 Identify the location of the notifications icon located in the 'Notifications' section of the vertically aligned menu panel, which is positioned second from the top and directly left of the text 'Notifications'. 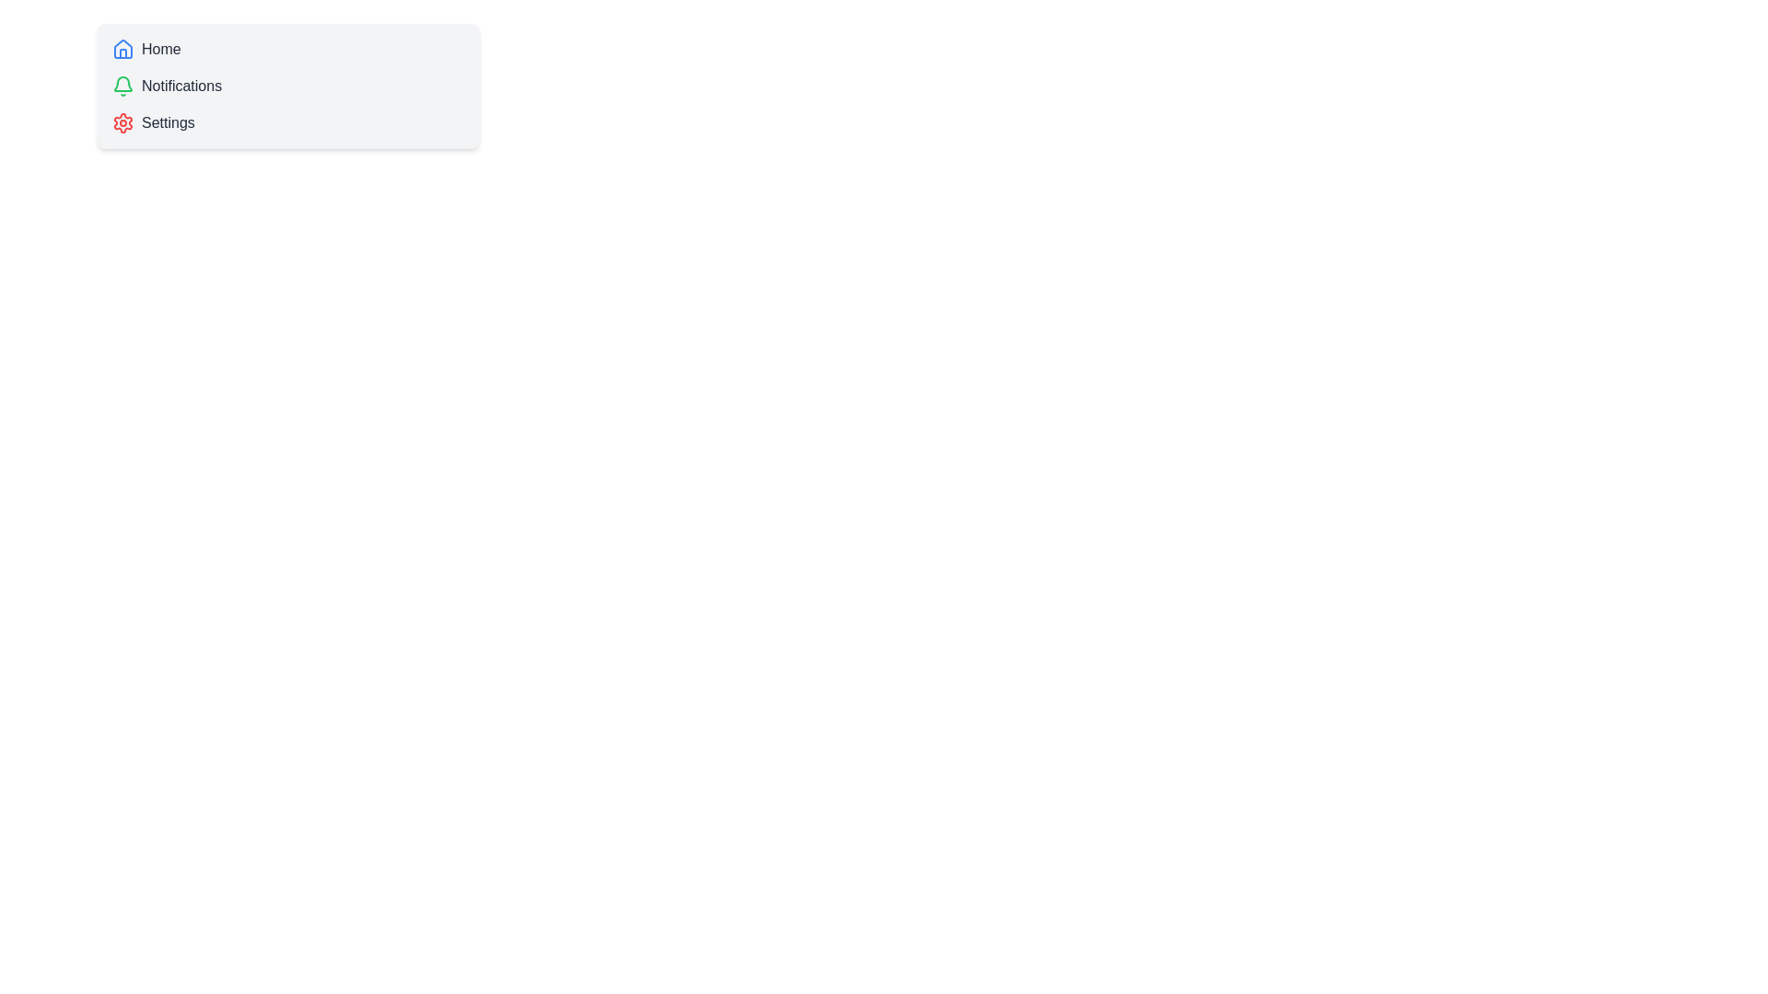
(122, 86).